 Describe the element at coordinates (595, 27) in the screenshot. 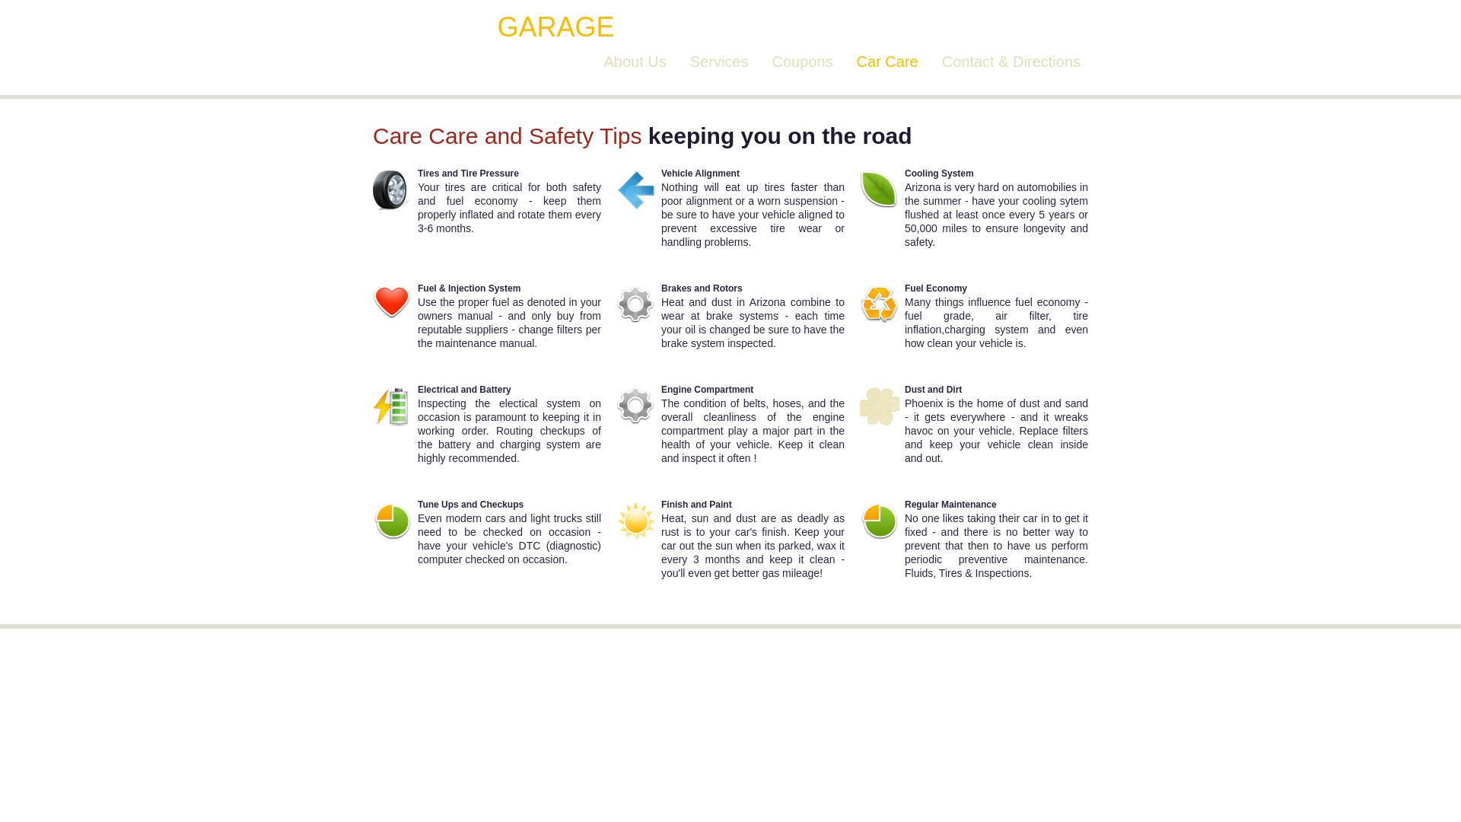

I see `'19th Ave GARAGE    602-212-1552'` at that location.